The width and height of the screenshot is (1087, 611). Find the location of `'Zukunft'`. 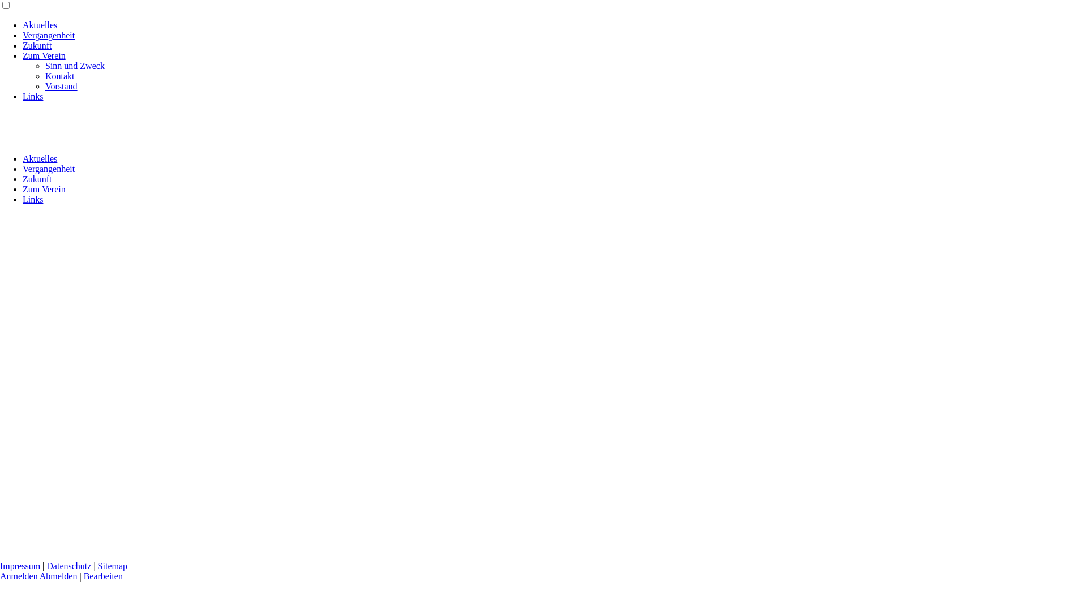

'Zukunft' is located at coordinates (37, 178).